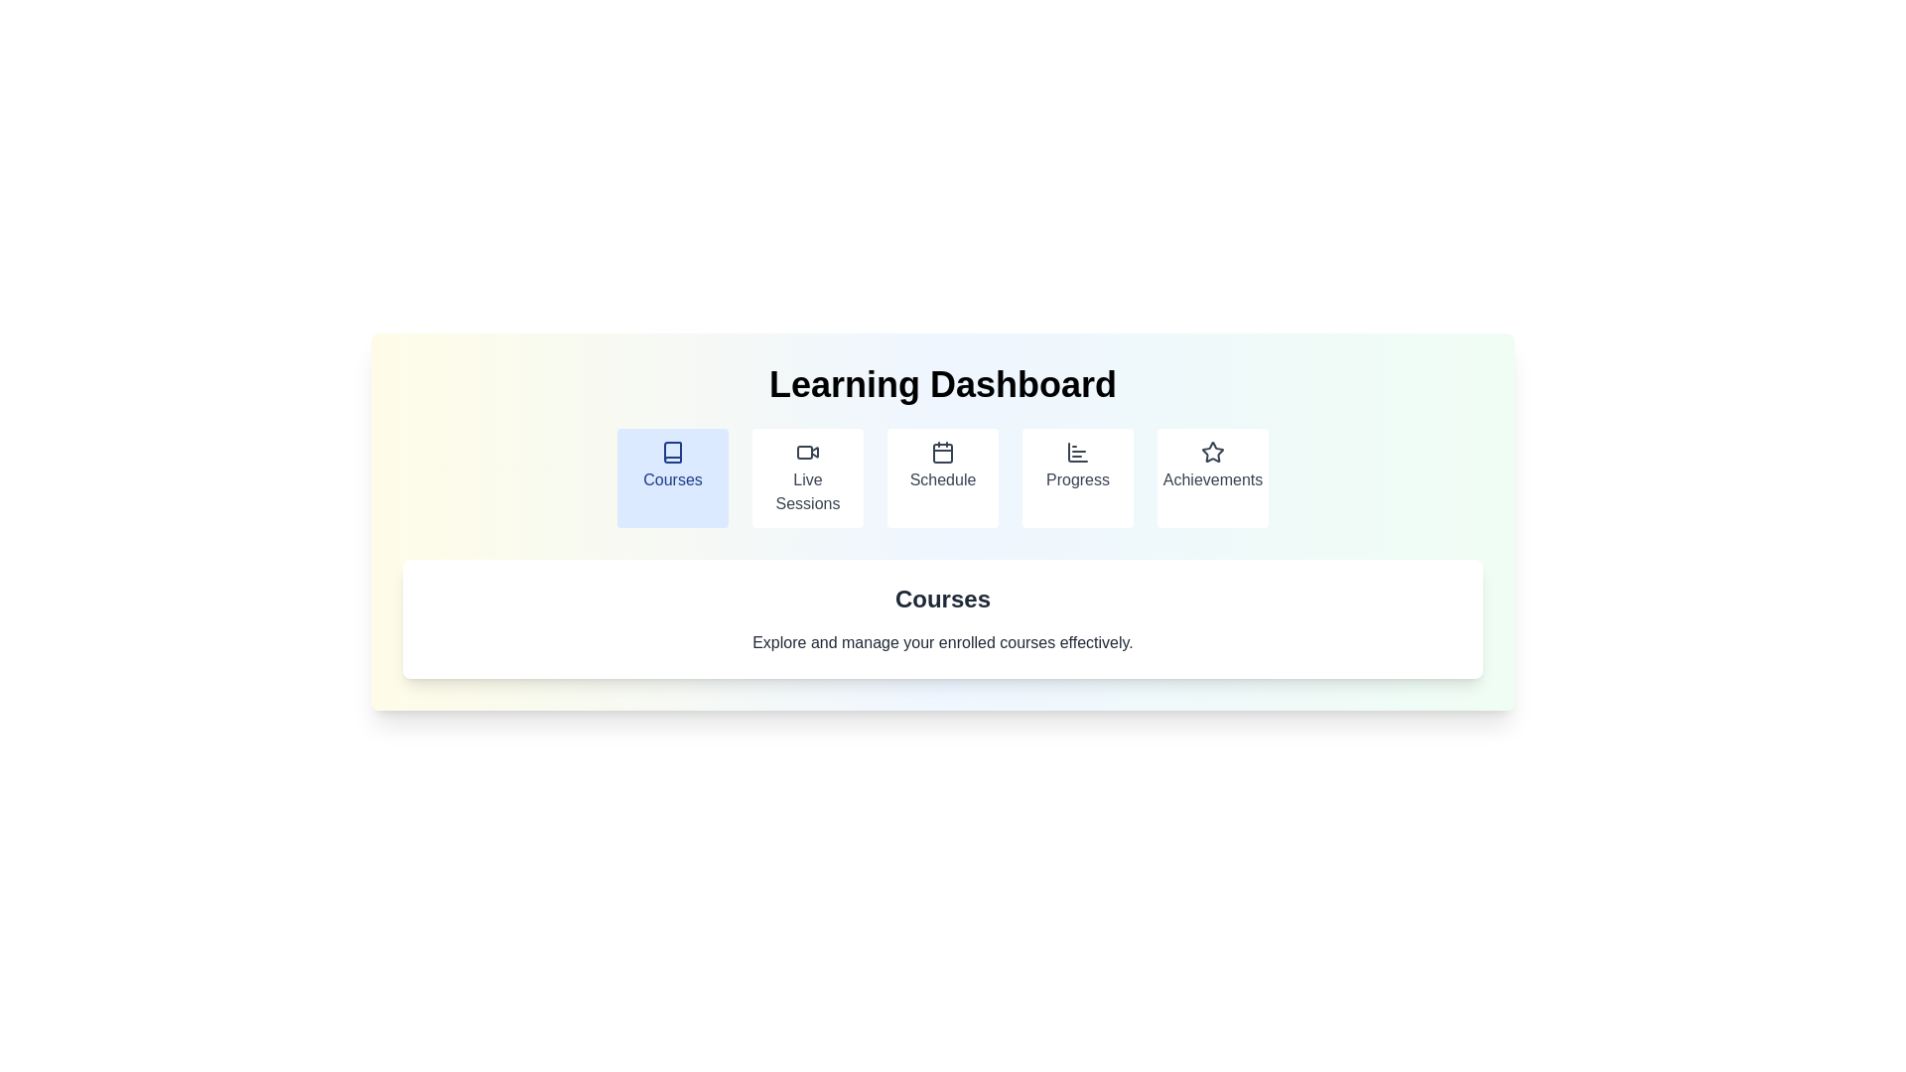  I want to click on the 'Achievements' navigation button, which is the fifth button in a group of five horizontally aligned buttons, so click(1212, 478).